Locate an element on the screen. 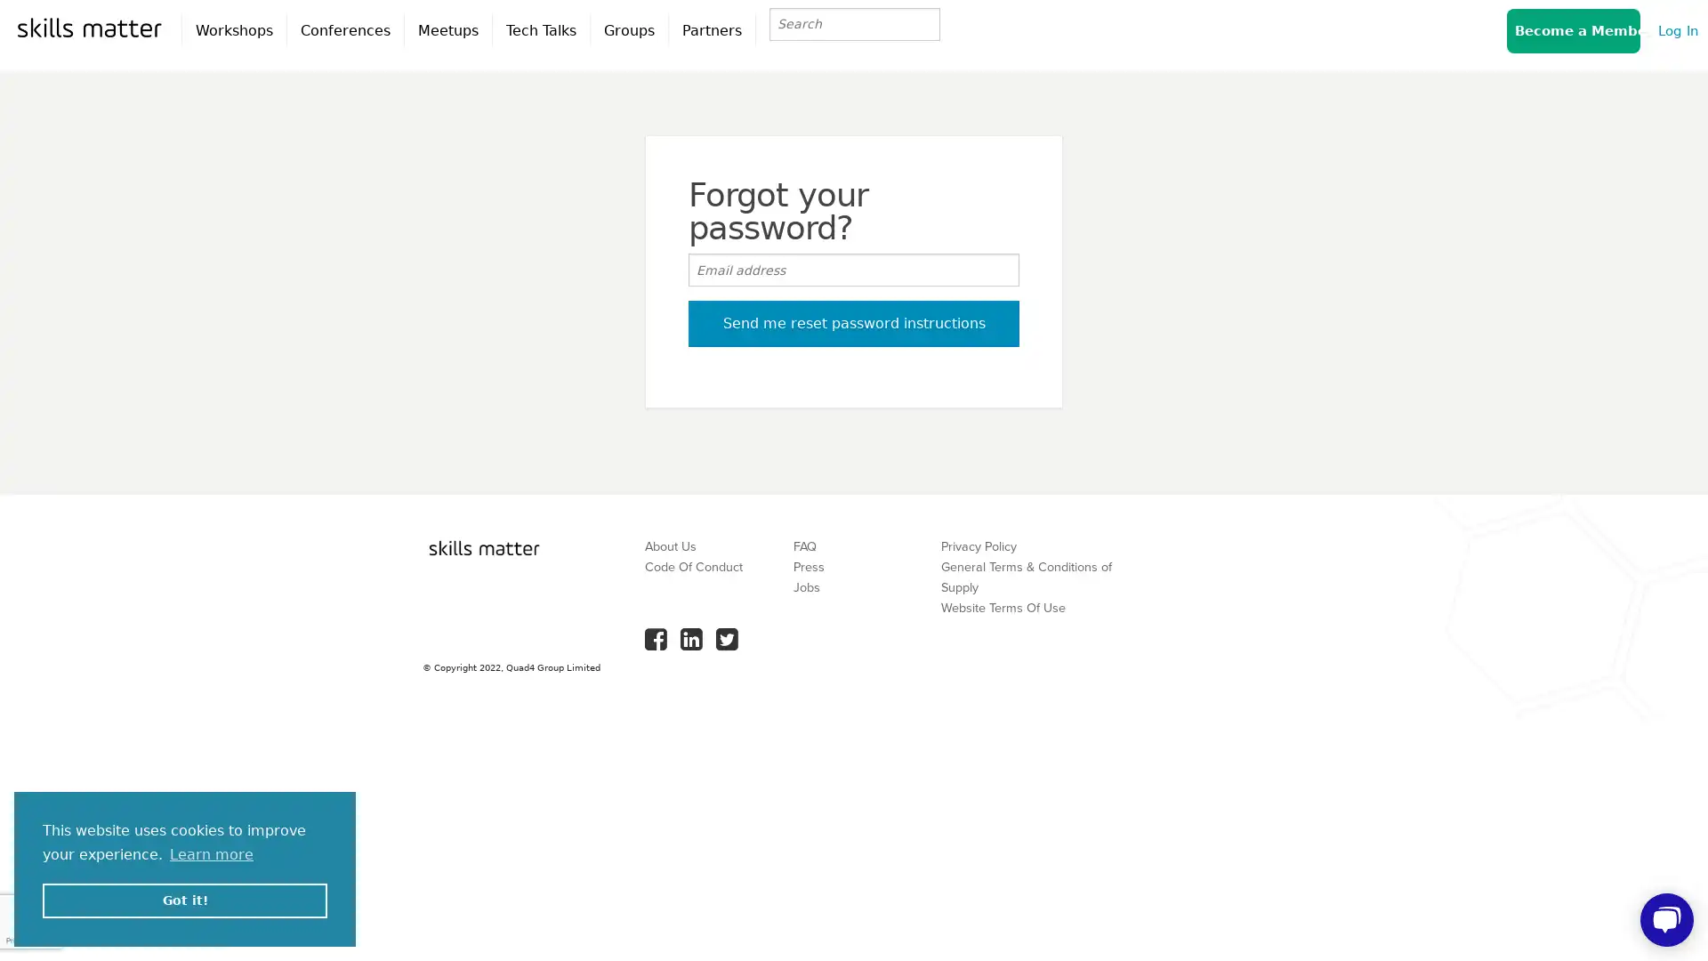  dismiss cookie message is located at coordinates (184, 900).